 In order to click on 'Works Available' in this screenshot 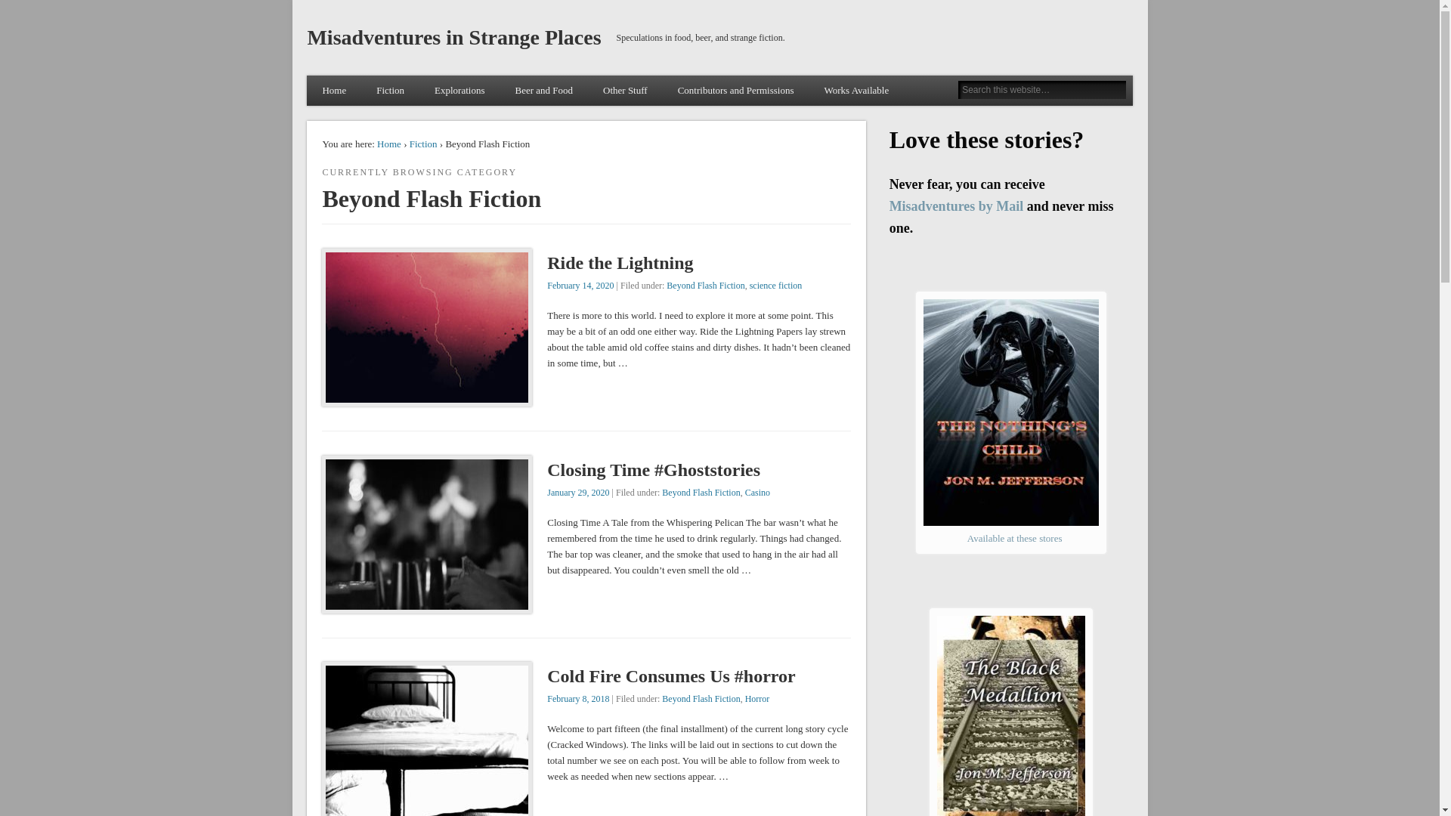, I will do `click(855, 90)`.